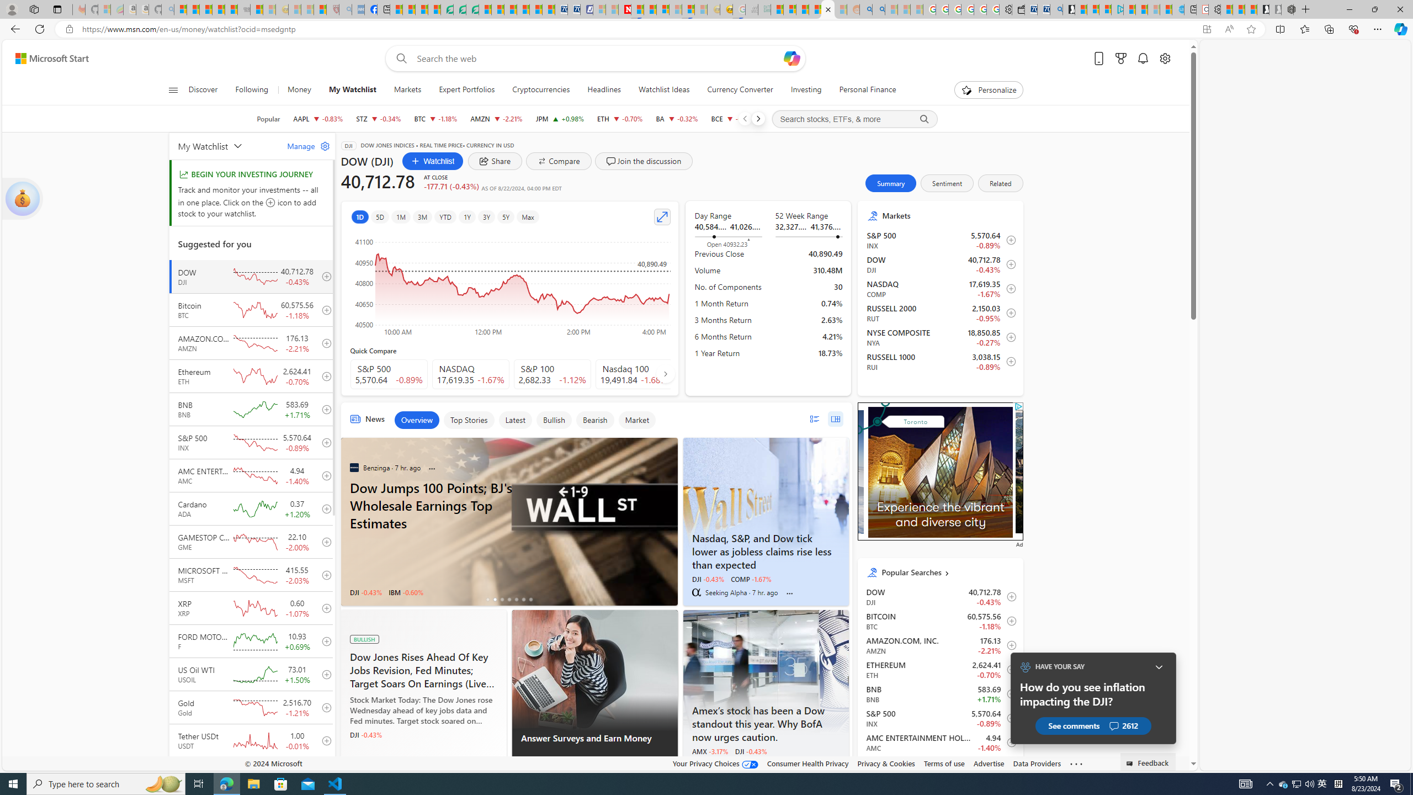 This screenshot has width=1413, height=795. Describe the element at coordinates (407, 89) in the screenshot. I see `'Markets'` at that location.